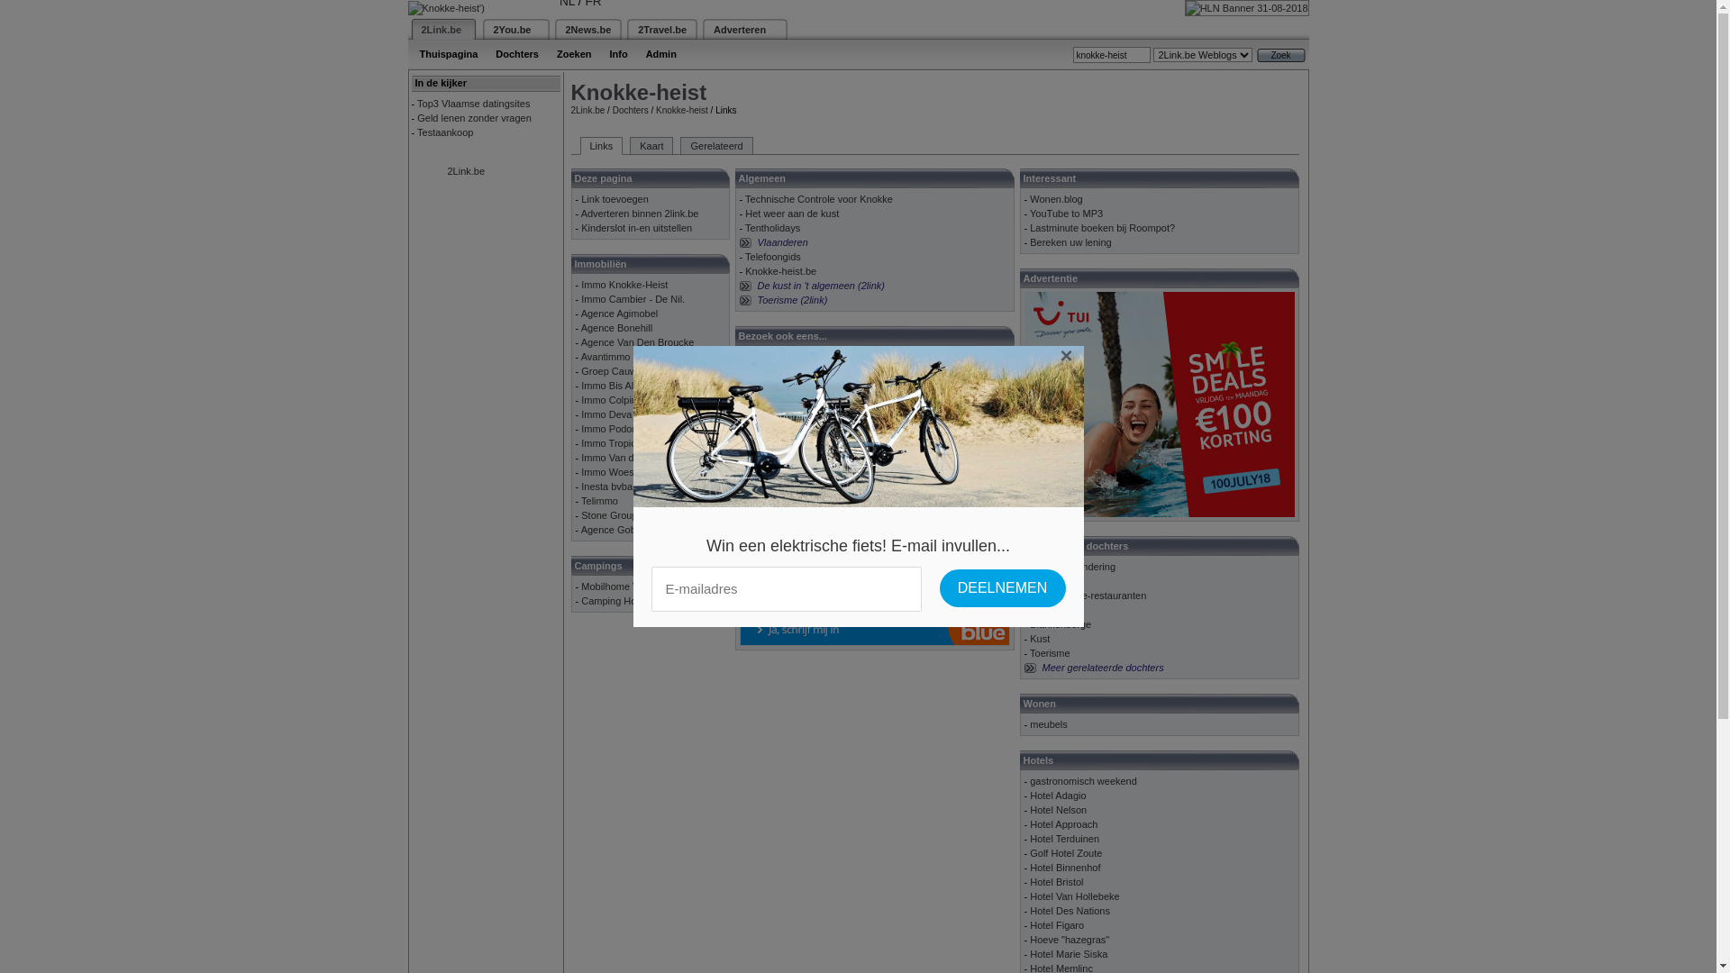  I want to click on 'Hotel Approach', so click(1063, 823).